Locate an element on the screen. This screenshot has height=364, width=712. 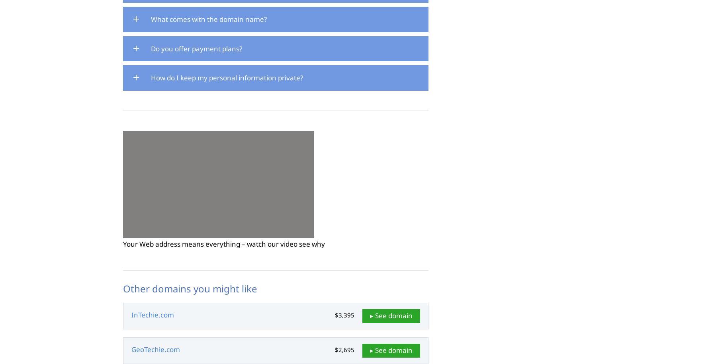
'InTechie.com' is located at coordinates (152, 314).